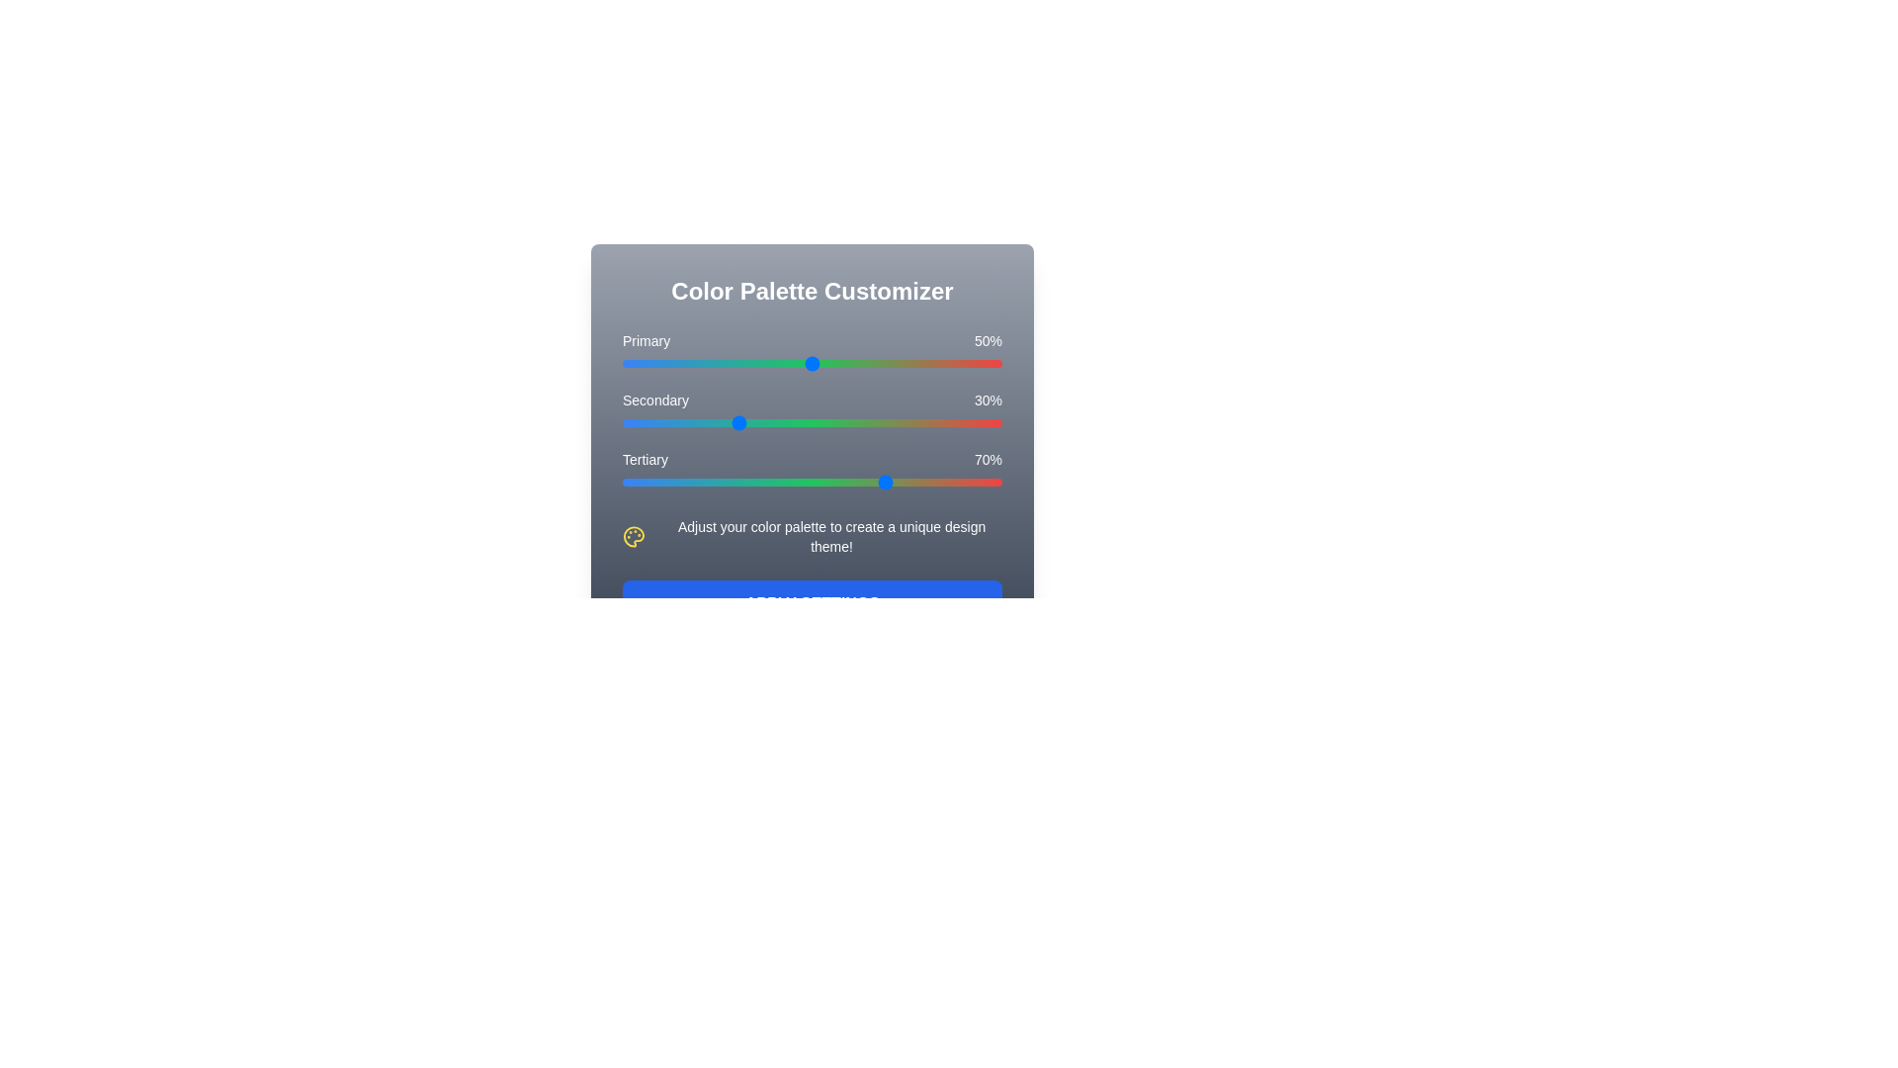 The width and height of the screenshot is (1898, 1068). I want to click on the tertiary color value, so click(854, 483).